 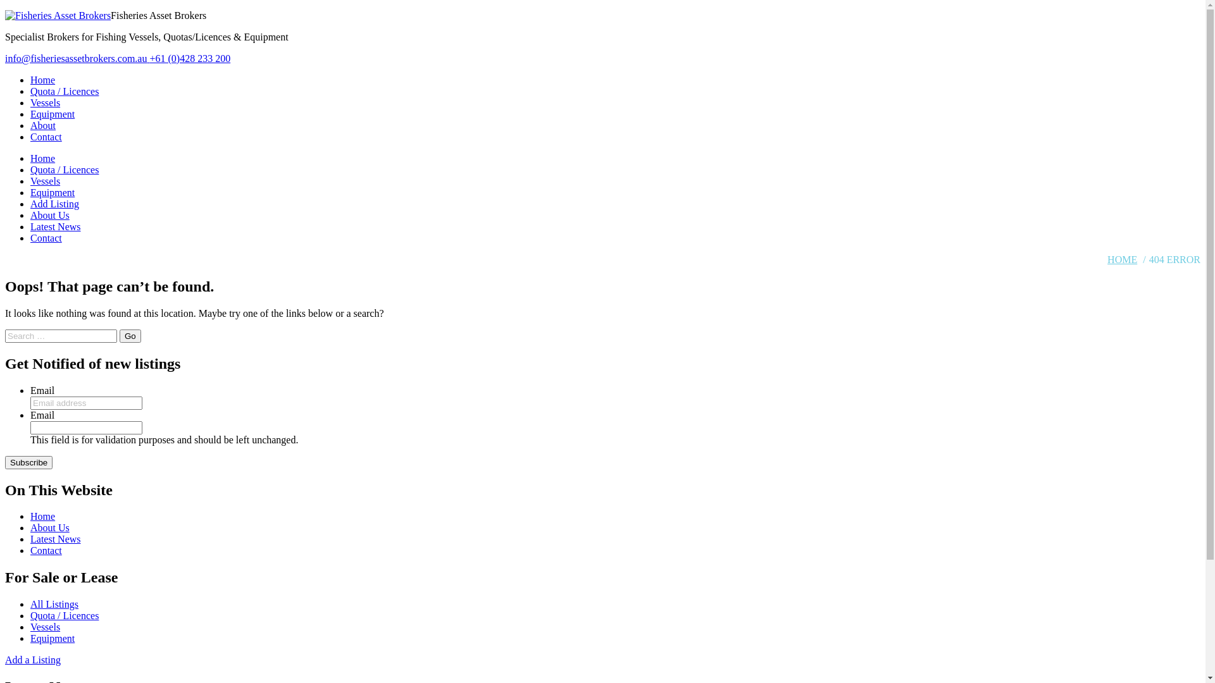 I want to click on 'About Us', so click(x=49, y=527).